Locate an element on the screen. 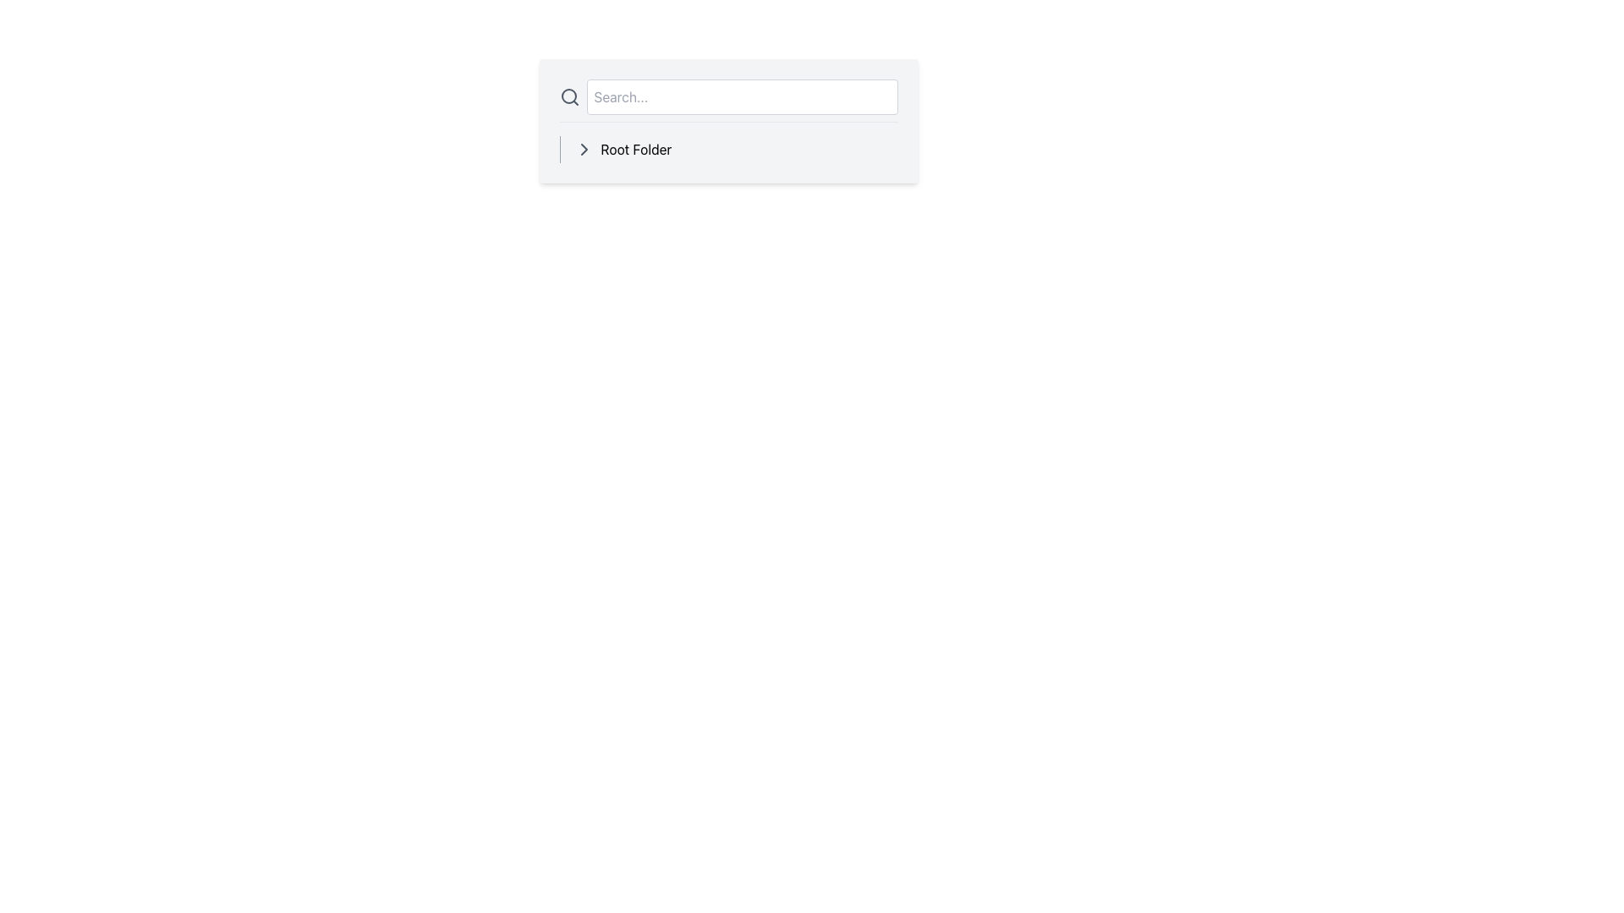 This screenshot has width=1624, height=913. the small right-facing chevron arrow icon located to the left of the 'Root Folder' text is located at coordinates (584, 149).